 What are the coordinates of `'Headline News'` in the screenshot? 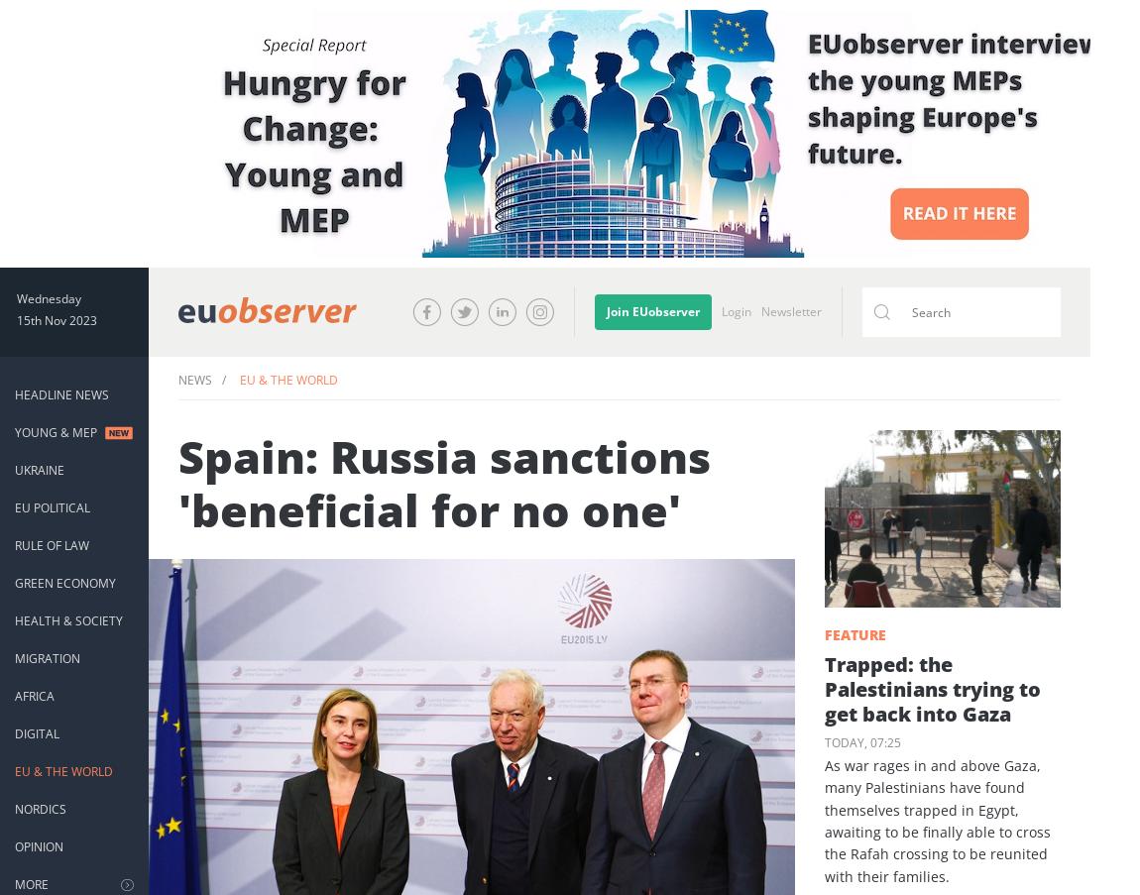 It's located at (60, 393).